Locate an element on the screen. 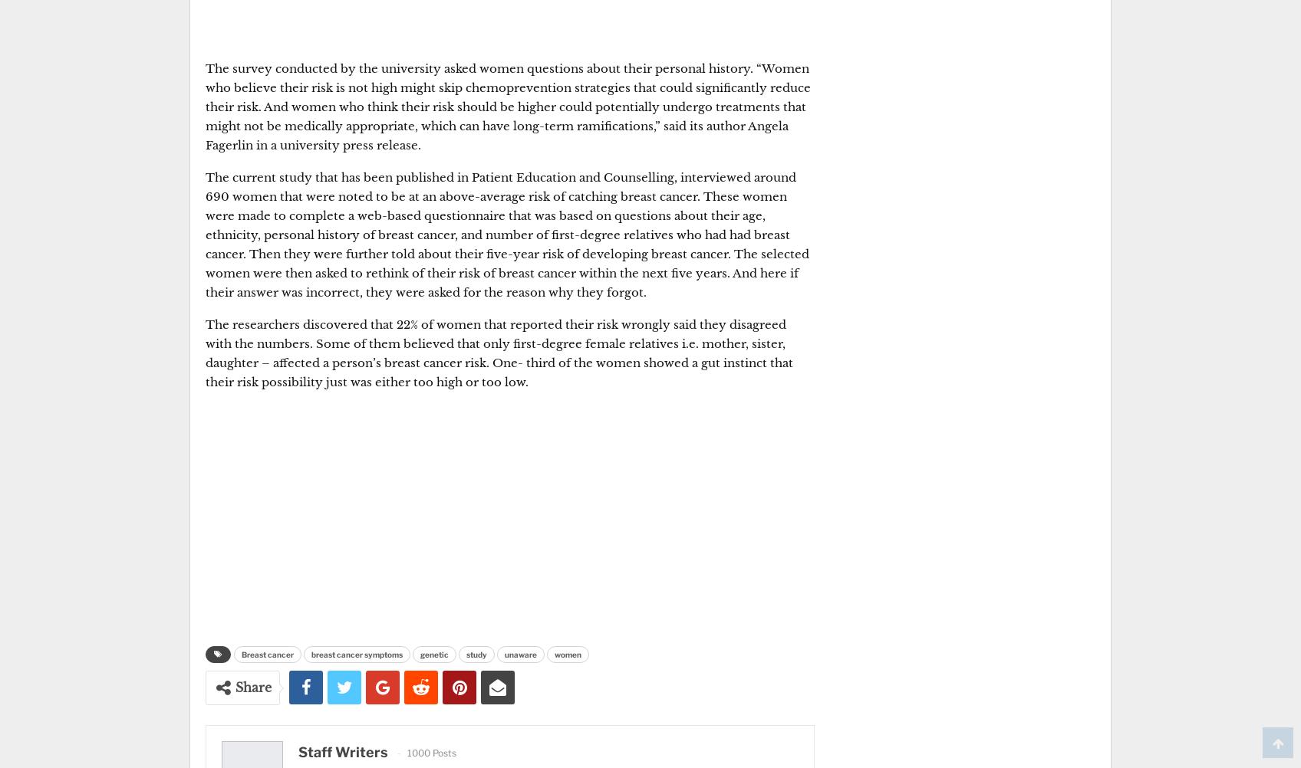 This screenshot has height=768, width=1301. 'The current study that has been published in Patient Education and Counselling, interviewed around 690 women that were noted to be at an above-average risk of catching breast cancer. These women were made to complete a web-based questionnaire that was based on questions about their age, ethnicity, personal history of breast cancer, and number of first-degree relatives who had had breast cancer. Then they were further told about their five-year risk of developing breast cancer. The selected women were then asked to rethink of their risk of breast cancer within the next five years. And here if their answer was incorrect, they were asked for the reason why they forgot.' is located at coordinates (506, 234).